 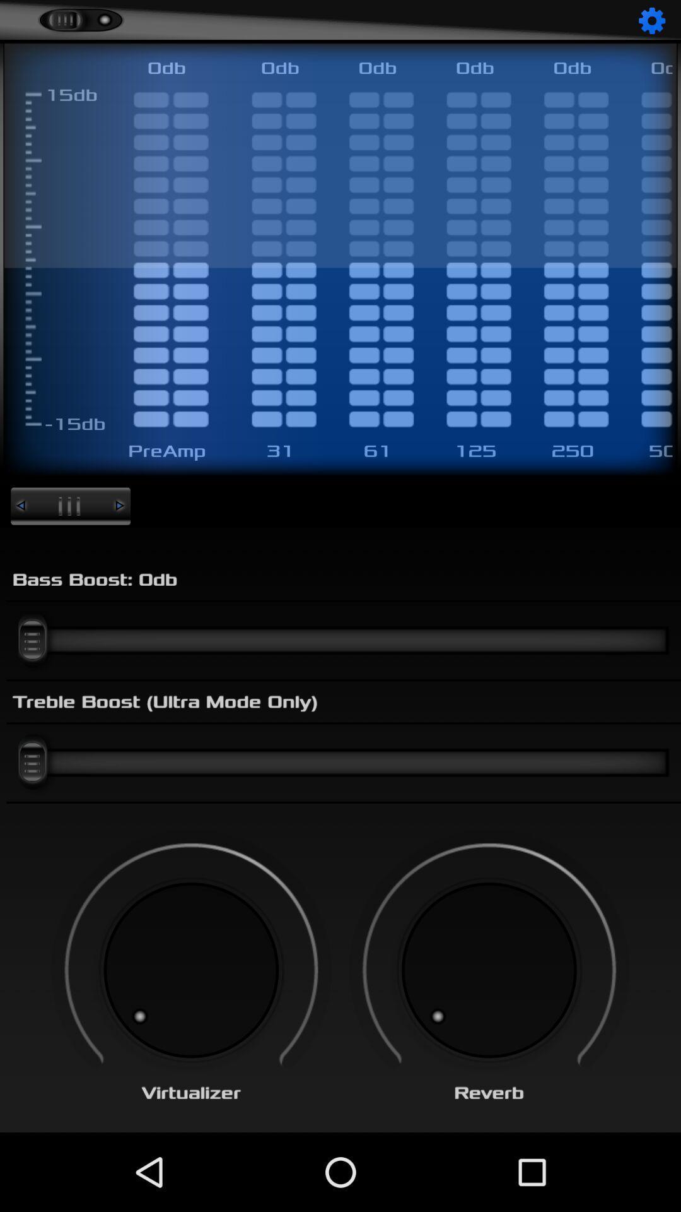 What do you see at coordinates (191, 970) in the screenshot?
I see `change virtualizer option` at bounding box center [191, 970].